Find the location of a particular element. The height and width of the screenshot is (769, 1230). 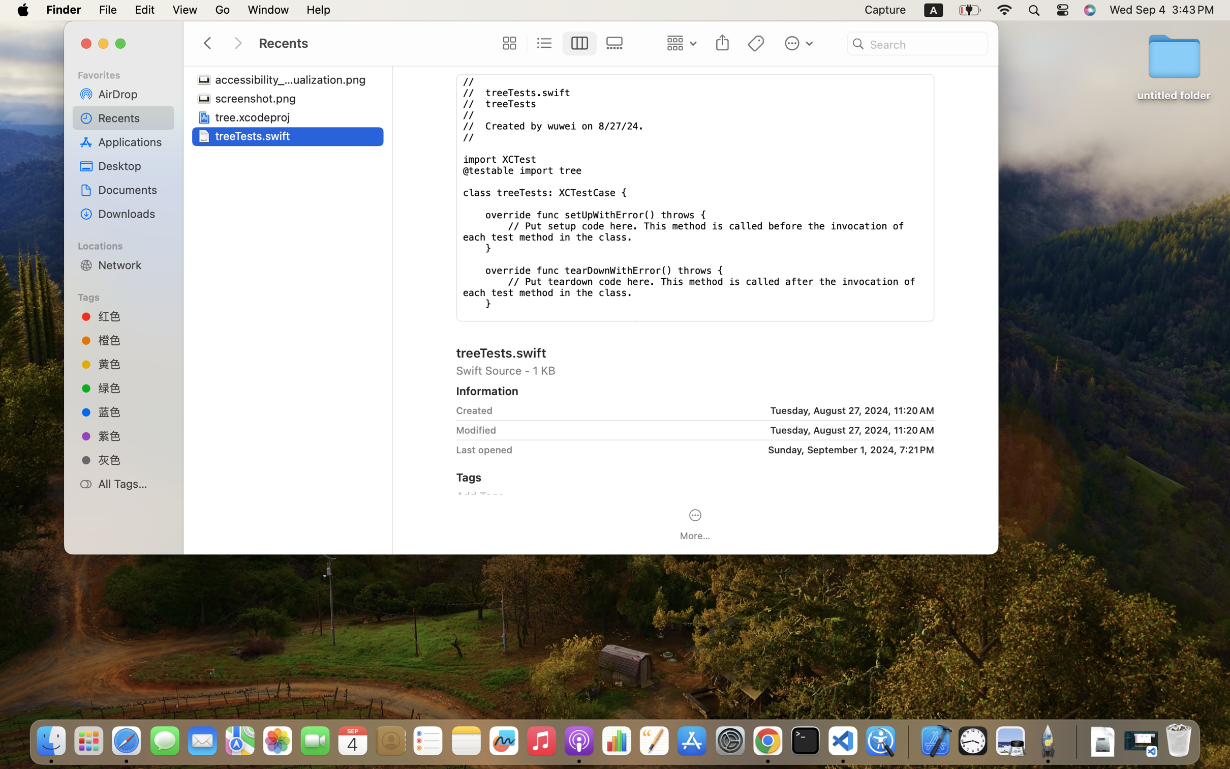

'AirDrop' is located at coordinates (132, 93).